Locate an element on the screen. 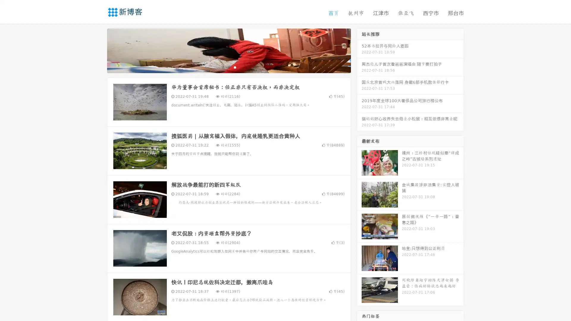 The height and width of the screenshot is (321, 571). Previous slide is located at coordinates (98, 50).